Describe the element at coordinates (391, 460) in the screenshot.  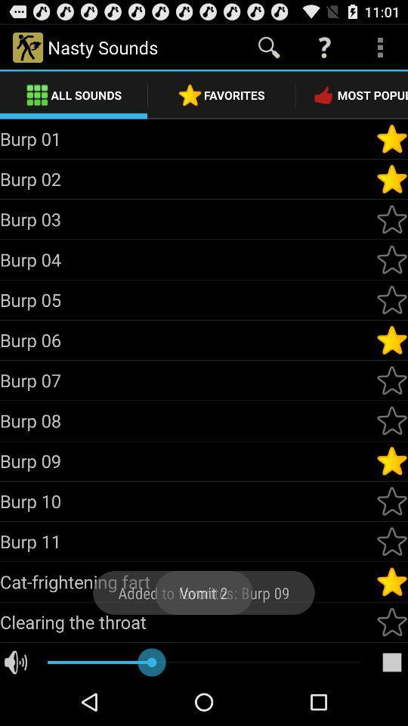
I see `very popular sound` at that location.